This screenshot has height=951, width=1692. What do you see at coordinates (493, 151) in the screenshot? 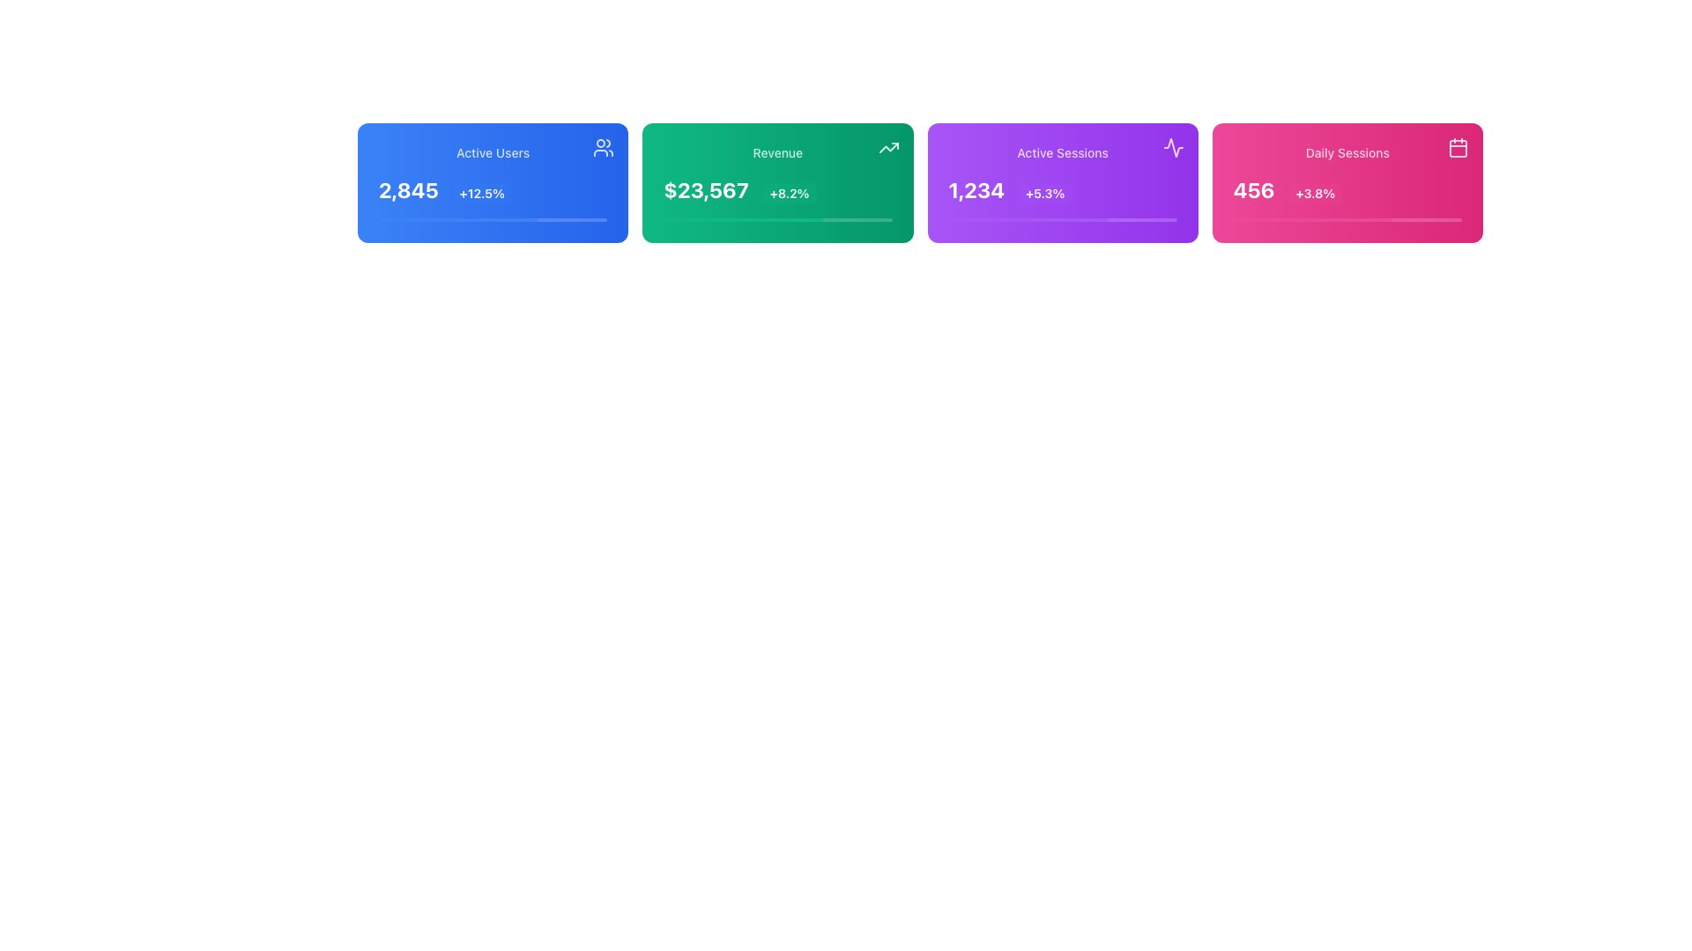
I see `the 'Active Users' label, which is a medium-weight, small-sized text label with an opaque white color on a blue card background, positioned at the top section of the card` at bounding box center [493, 151].